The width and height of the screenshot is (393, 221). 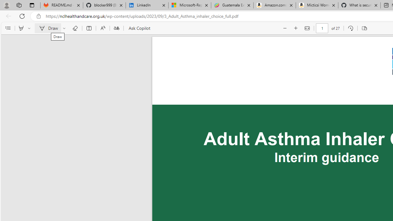 I want to click on 'Erase', so click(x=75, y=28).